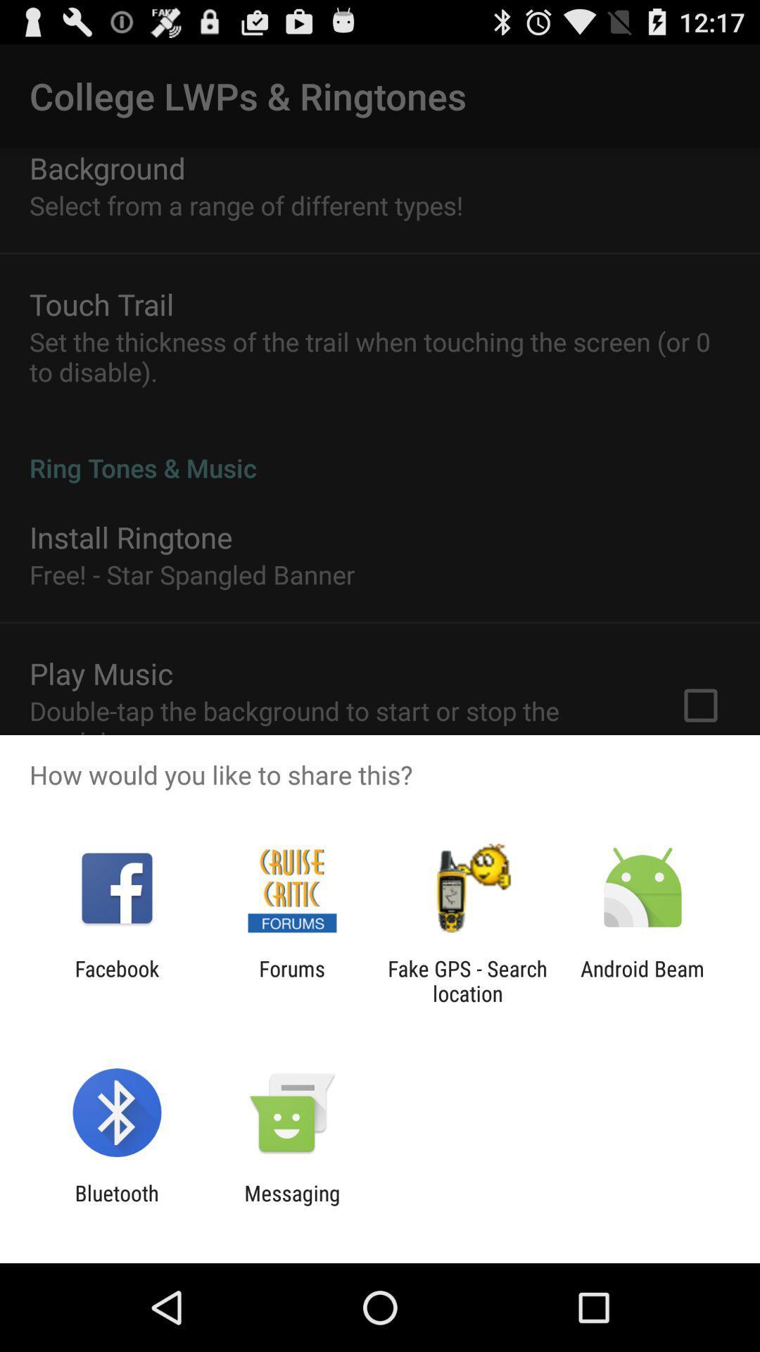 The image size is (760, 1352). What do you see at coordinates (467, 980) in the screenshot?
I see `app next to forums item` at bounding box center [467, 980].